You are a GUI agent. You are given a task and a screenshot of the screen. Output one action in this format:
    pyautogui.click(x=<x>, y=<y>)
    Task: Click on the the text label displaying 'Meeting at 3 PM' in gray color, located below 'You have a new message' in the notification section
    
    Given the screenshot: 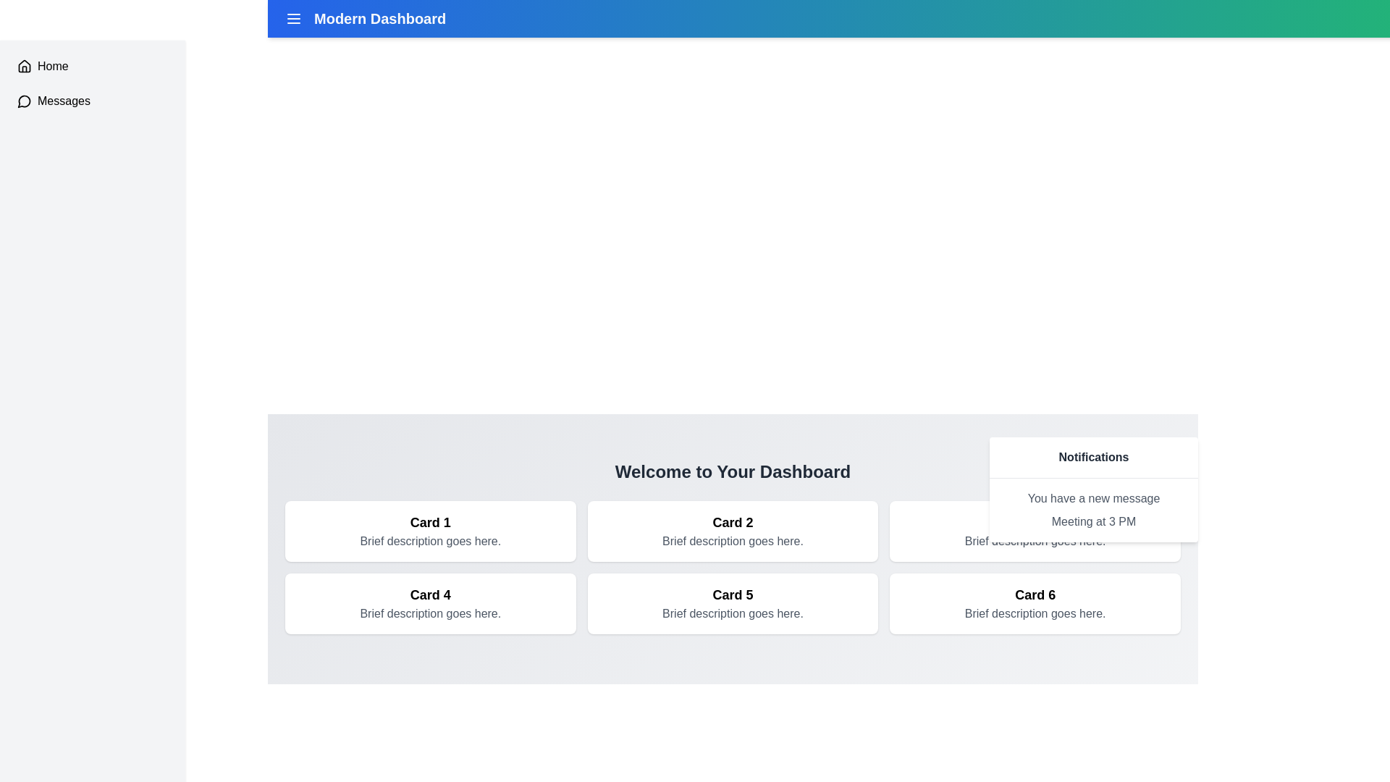 What is the action you would take?
    pyautogui.click(x=1094, y=522)
    